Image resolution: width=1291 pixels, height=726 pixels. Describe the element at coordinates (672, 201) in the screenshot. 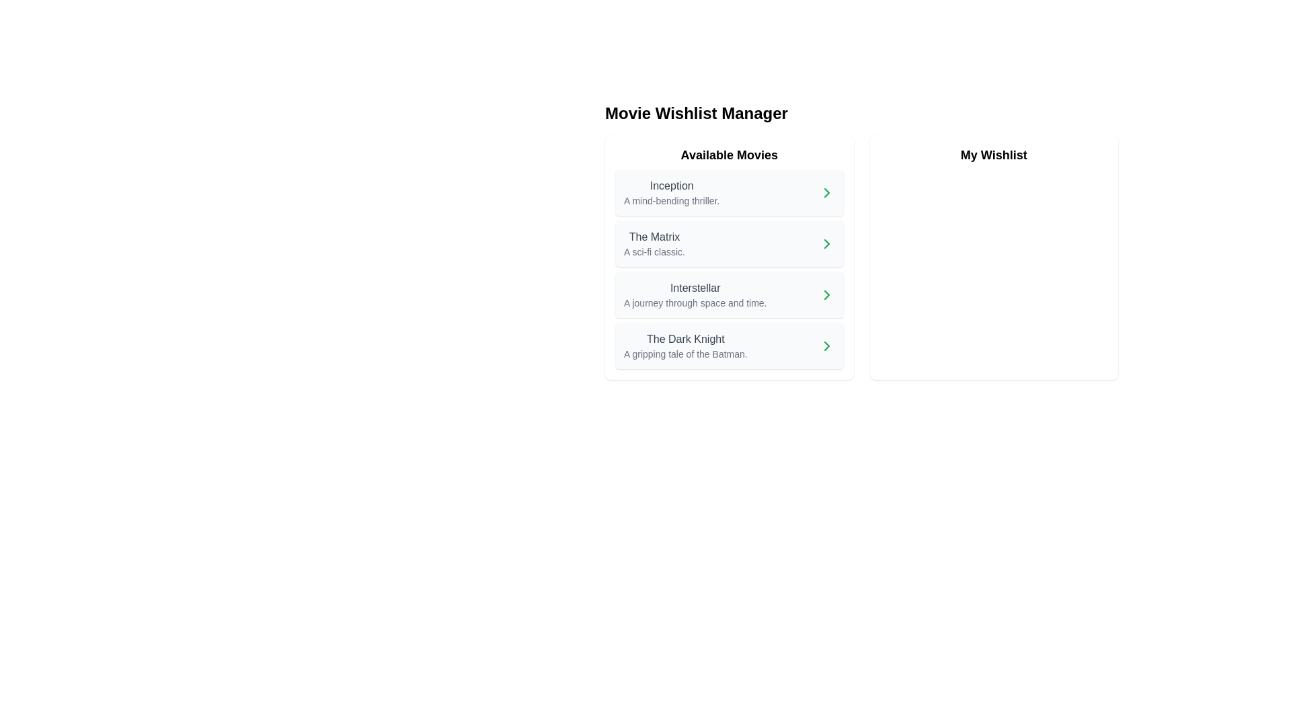

I see `descriptive text label located below the title 'Inception' in the 'Available Movies' section, which provides a summary for the movie` at that location.